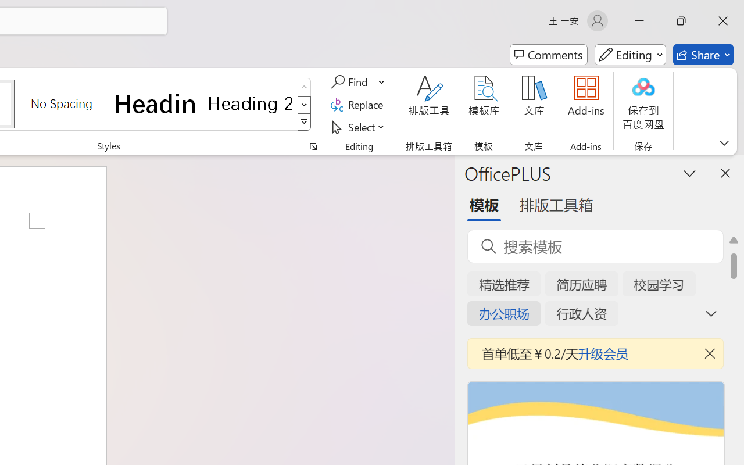 The width and height of the screenshot is (744, 465). What do you see at coordinates (305, 122) in the screenshot?
I see `'Class: NetUIImage'` at bounding box center [305, 122].